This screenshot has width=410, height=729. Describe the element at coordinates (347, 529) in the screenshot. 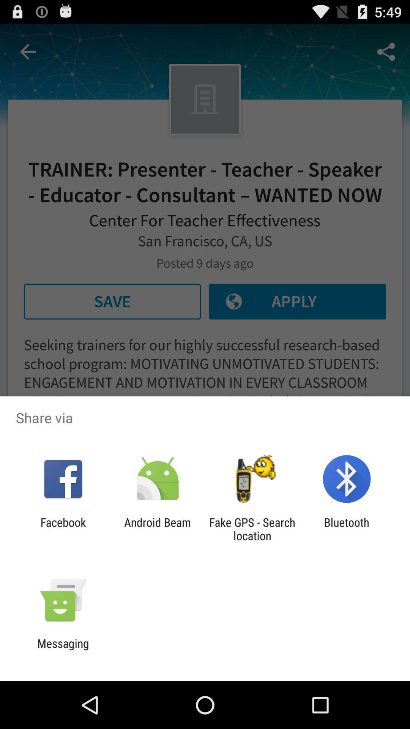

I see `item to the right of fake gps search icon` at that location.